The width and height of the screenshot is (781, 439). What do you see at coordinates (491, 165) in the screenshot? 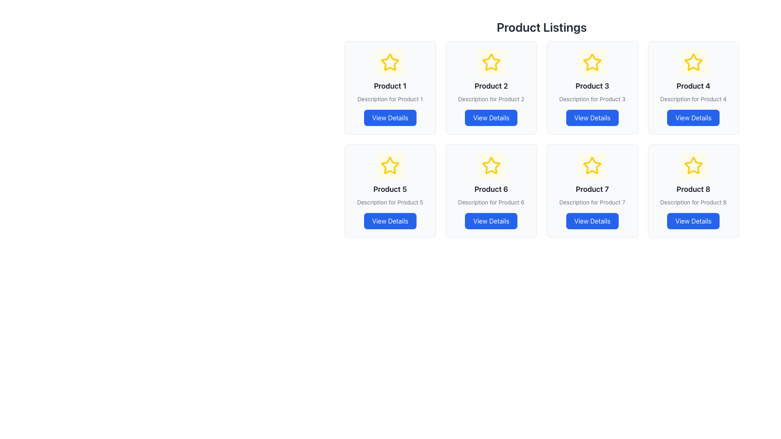
I see `the star-shaped icon with a yellow border located above the title of Product 6 in the layout, which is the third item in the second row of the grid` at bounding box center [491, 165].